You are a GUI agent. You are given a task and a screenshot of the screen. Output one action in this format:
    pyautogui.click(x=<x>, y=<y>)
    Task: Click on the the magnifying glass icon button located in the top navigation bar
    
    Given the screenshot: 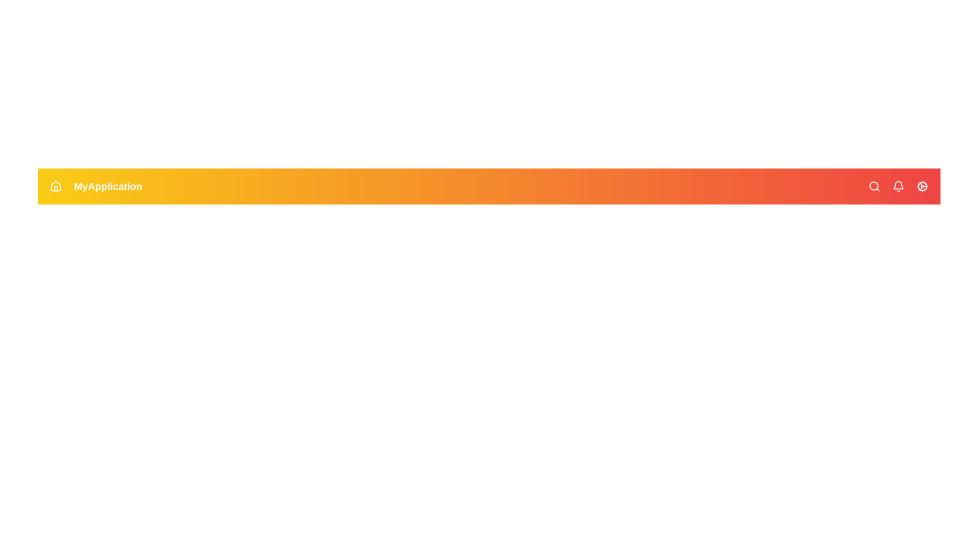 What is the action you would take?
    pyautogui.click(x=873, y=186)
    